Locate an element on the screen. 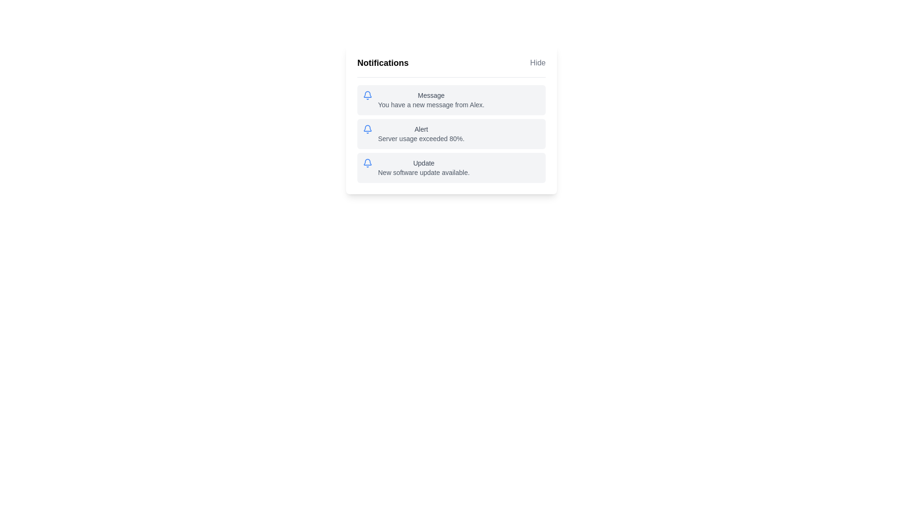  the notification icon shaped as a bell with a blue stroke, located to the left of the text 'Message' in the notification card is located at coordinates (367, 95).